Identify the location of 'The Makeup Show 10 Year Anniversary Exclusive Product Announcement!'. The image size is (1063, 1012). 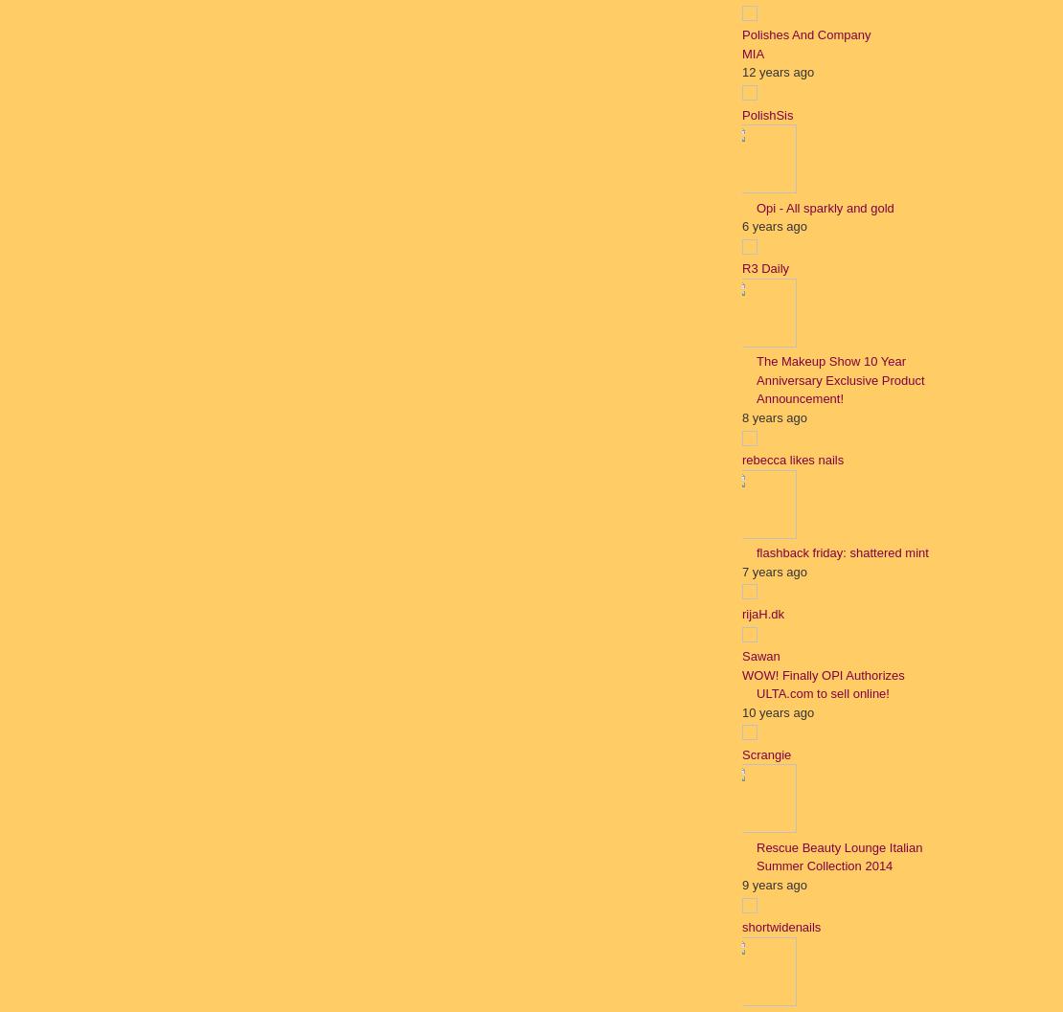
(839, 379).